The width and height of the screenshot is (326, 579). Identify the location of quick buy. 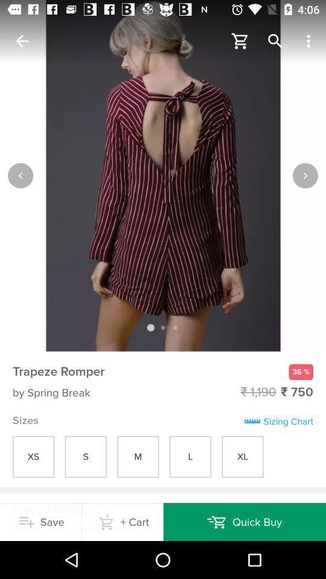
(245, 521).